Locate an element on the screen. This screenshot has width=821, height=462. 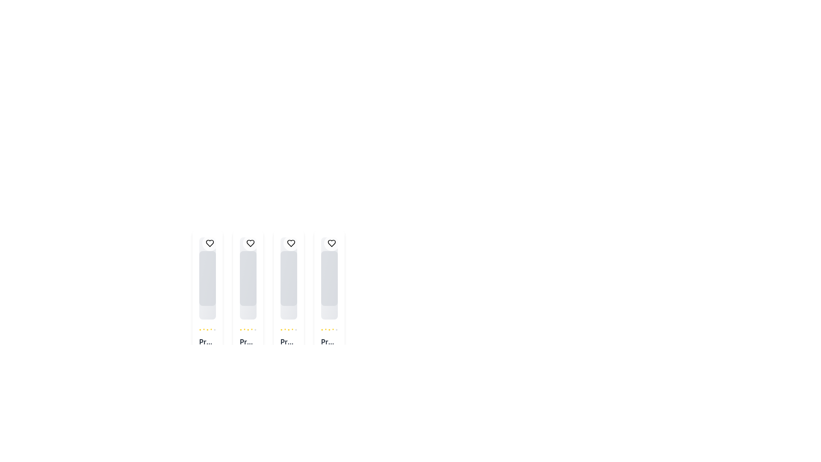
the visual state of the fifth star icon, which is gray and located at the rightmost position in a row of similar star icons is located at coordinates (296, 329).